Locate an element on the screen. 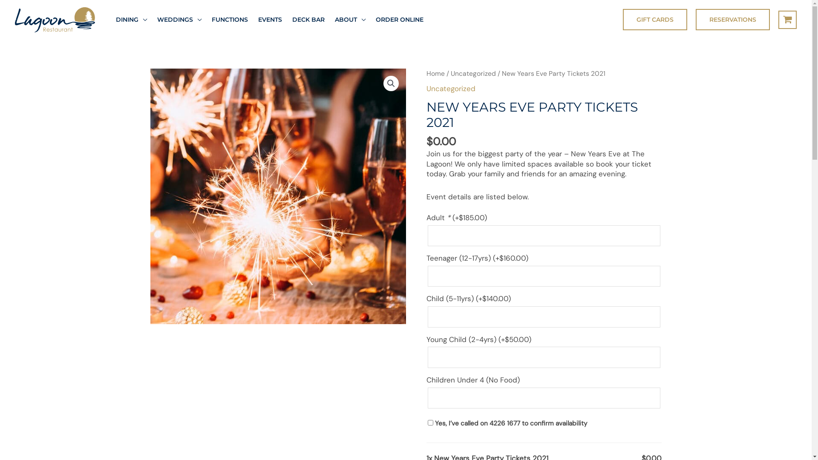 The height and width of the screenshot is (460, 818). 'FUNCTIONS' is located at coordinates (230, 19).